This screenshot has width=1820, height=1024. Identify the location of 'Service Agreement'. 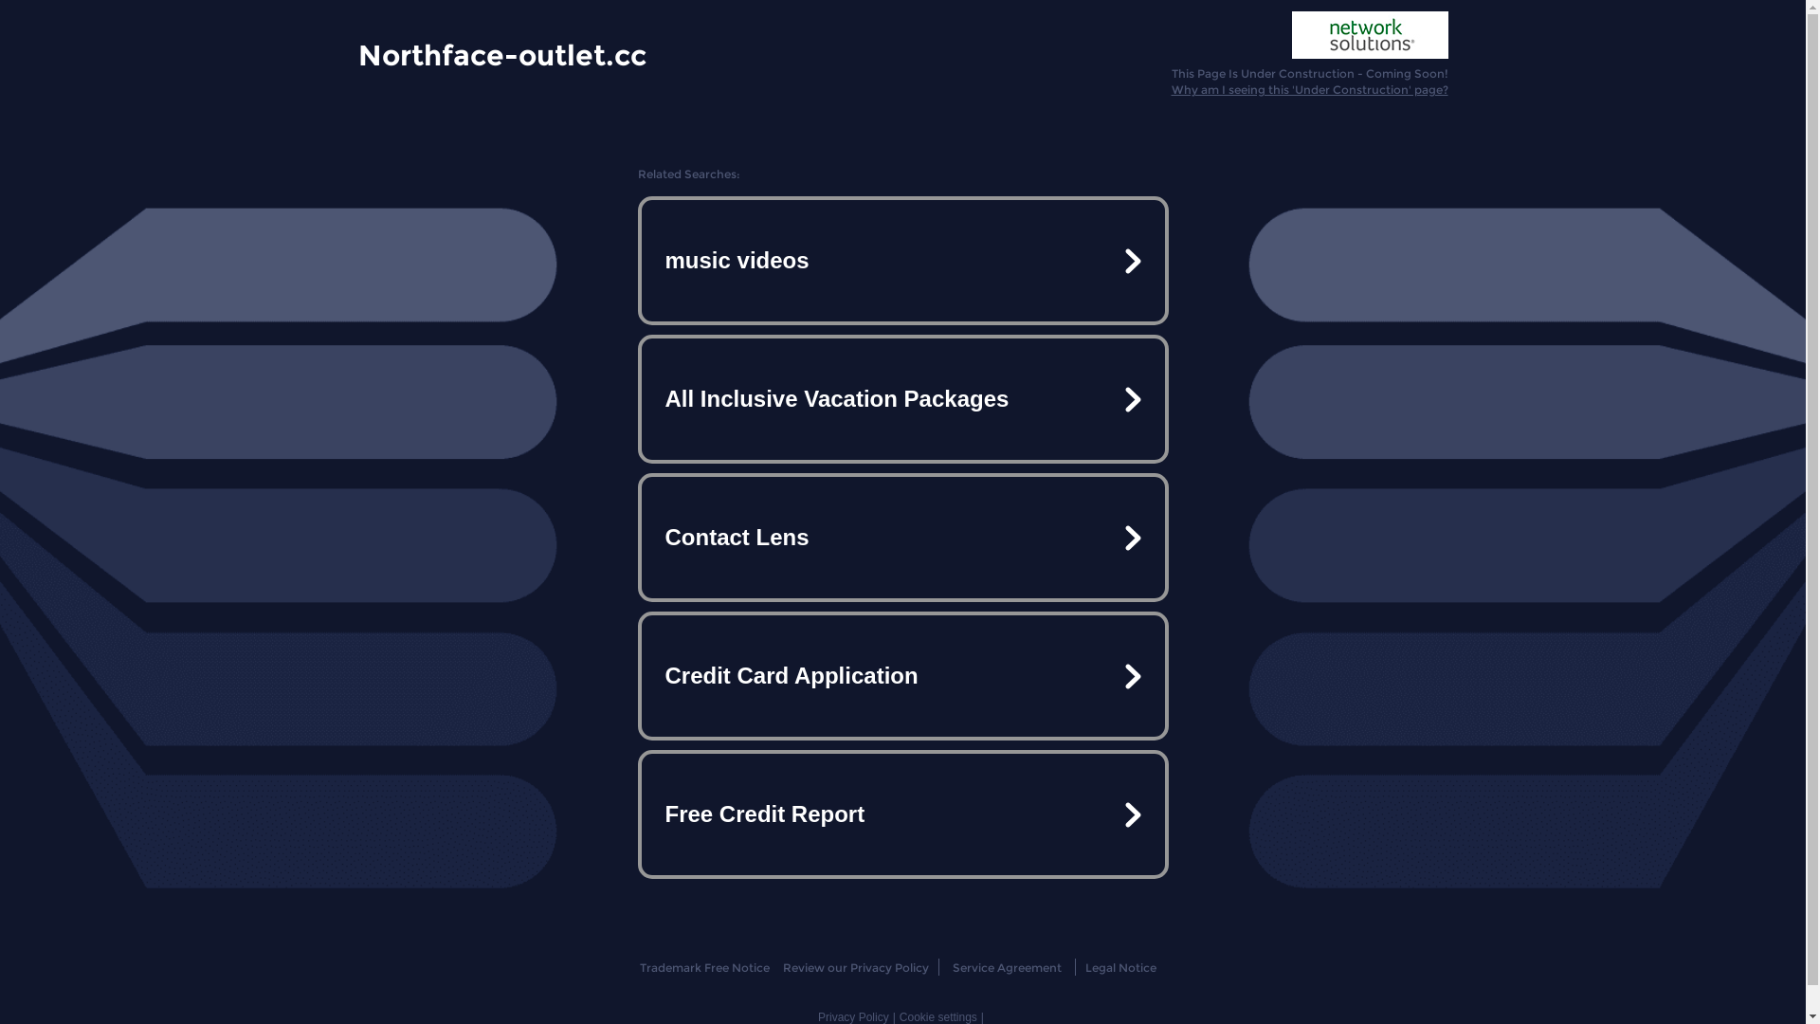
(1006, 967).